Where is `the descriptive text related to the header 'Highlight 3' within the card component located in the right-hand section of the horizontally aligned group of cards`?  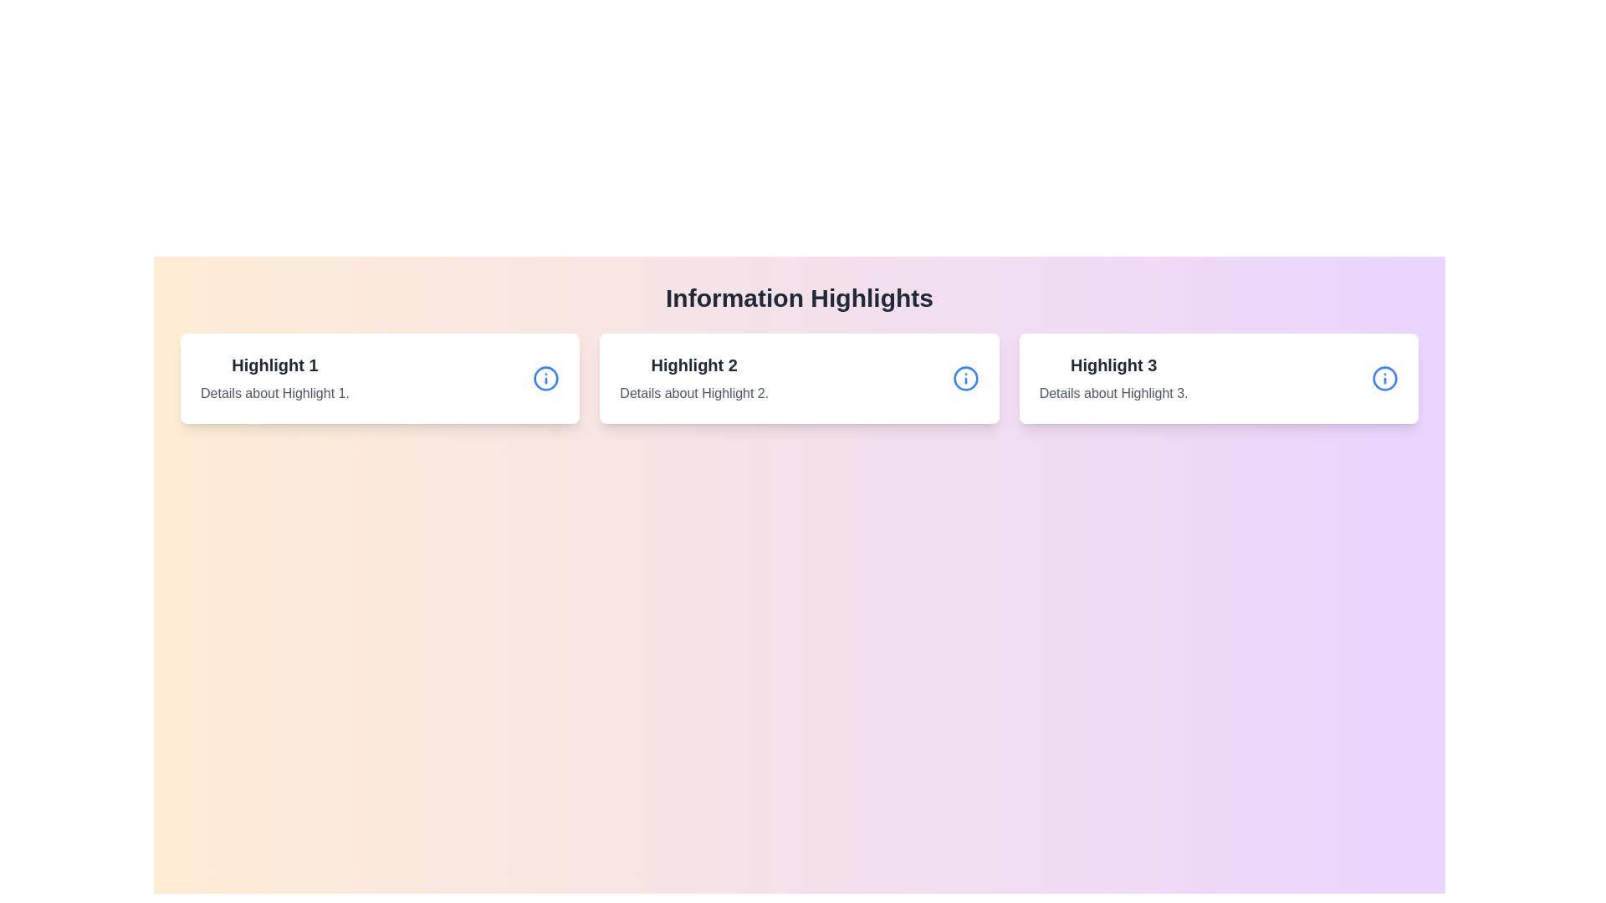 the descriptive text related to the header 'Highlight 3' within the card component located in the right-hand section of the horizontally aligned group of cards is located at coordinates (1112, 393).